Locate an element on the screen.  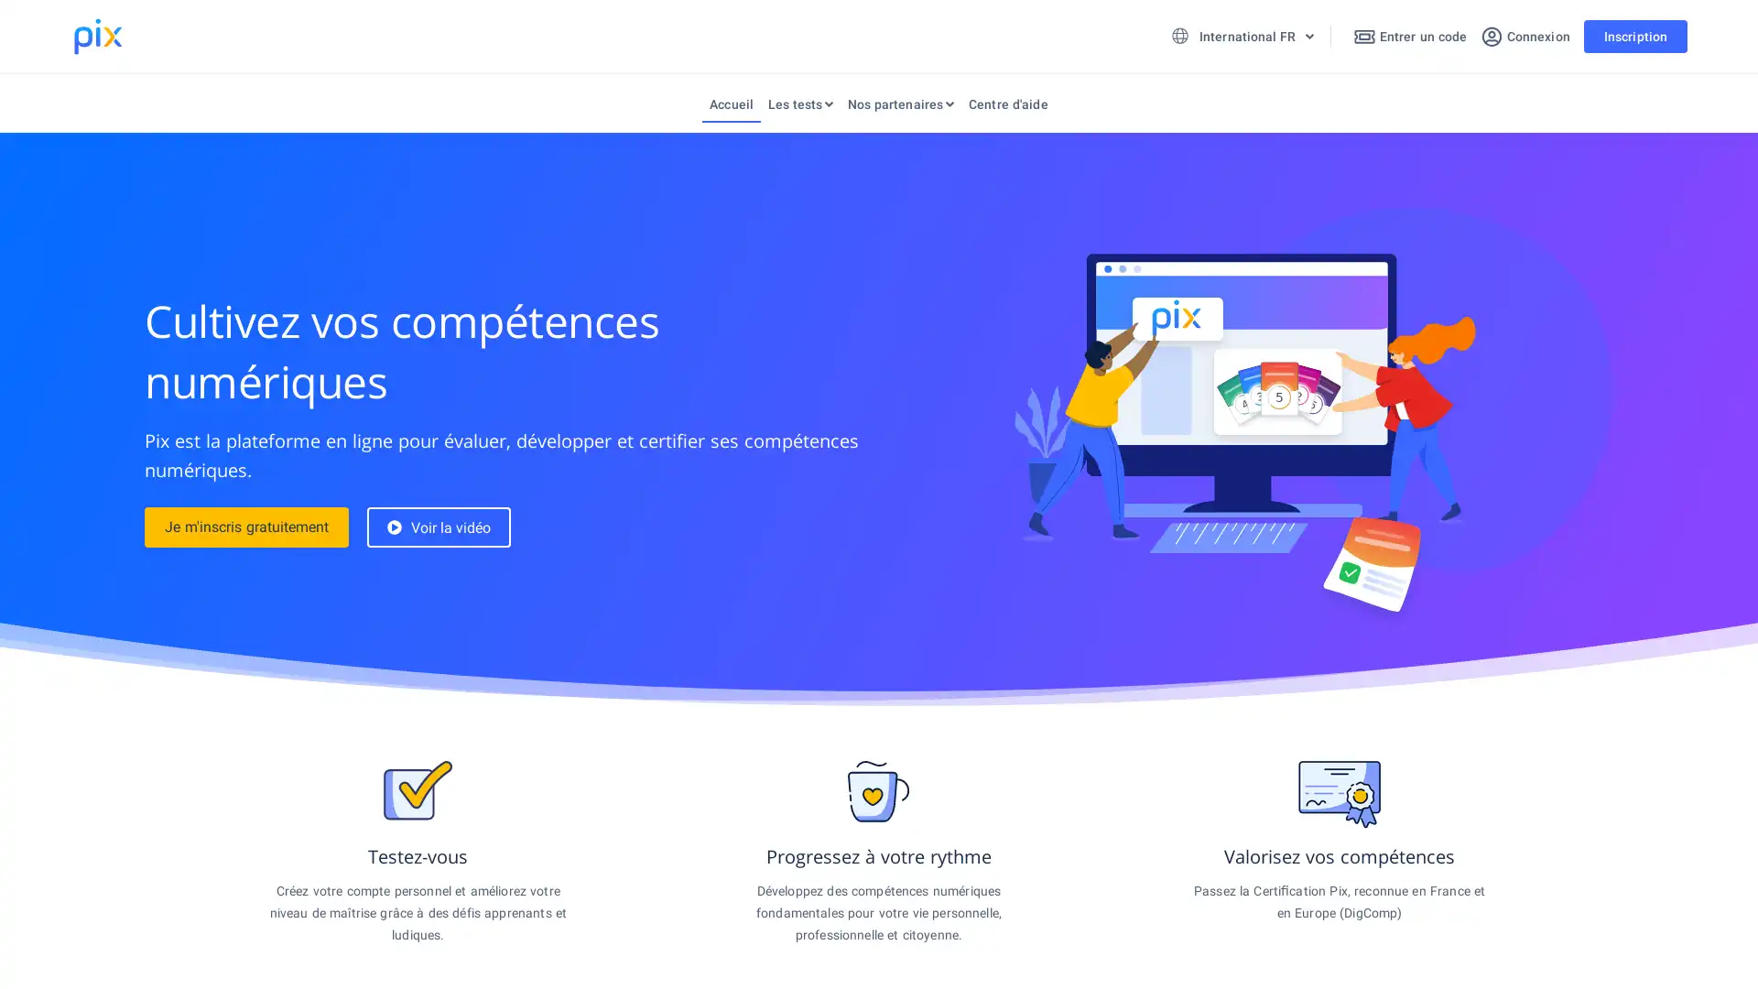
Nos partenaires is located at coordinates (900, 108).